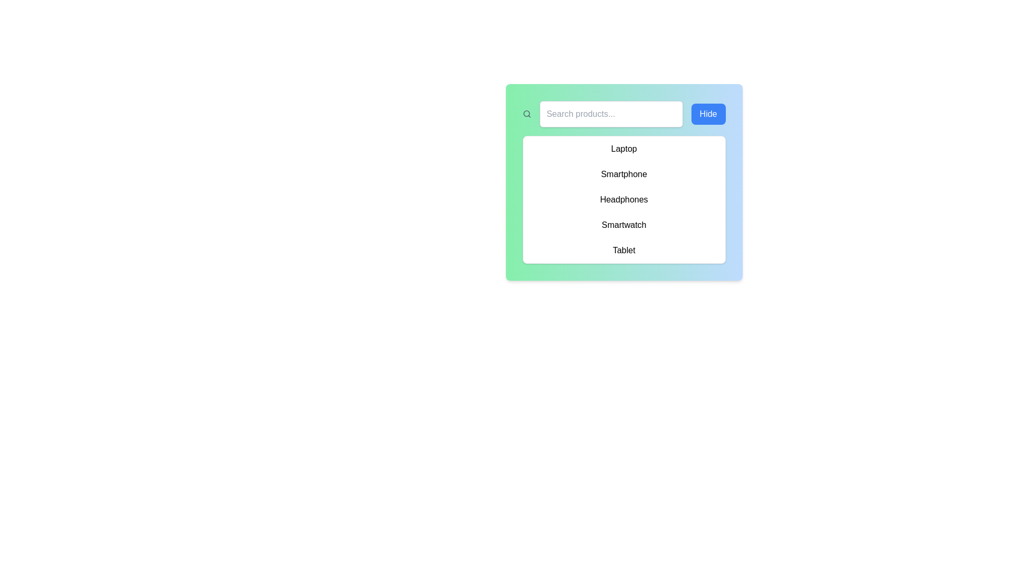 The image size is (1015, 571). I want to click on the blue button labeled 'Hide', which has rounded corners and white text, so click(708, 114).